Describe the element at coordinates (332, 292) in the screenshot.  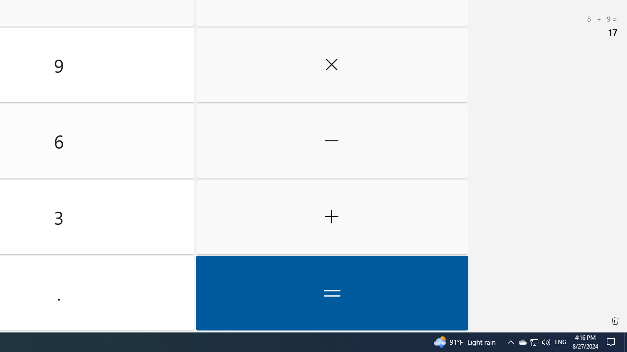
I see `'Equals'` at that location.